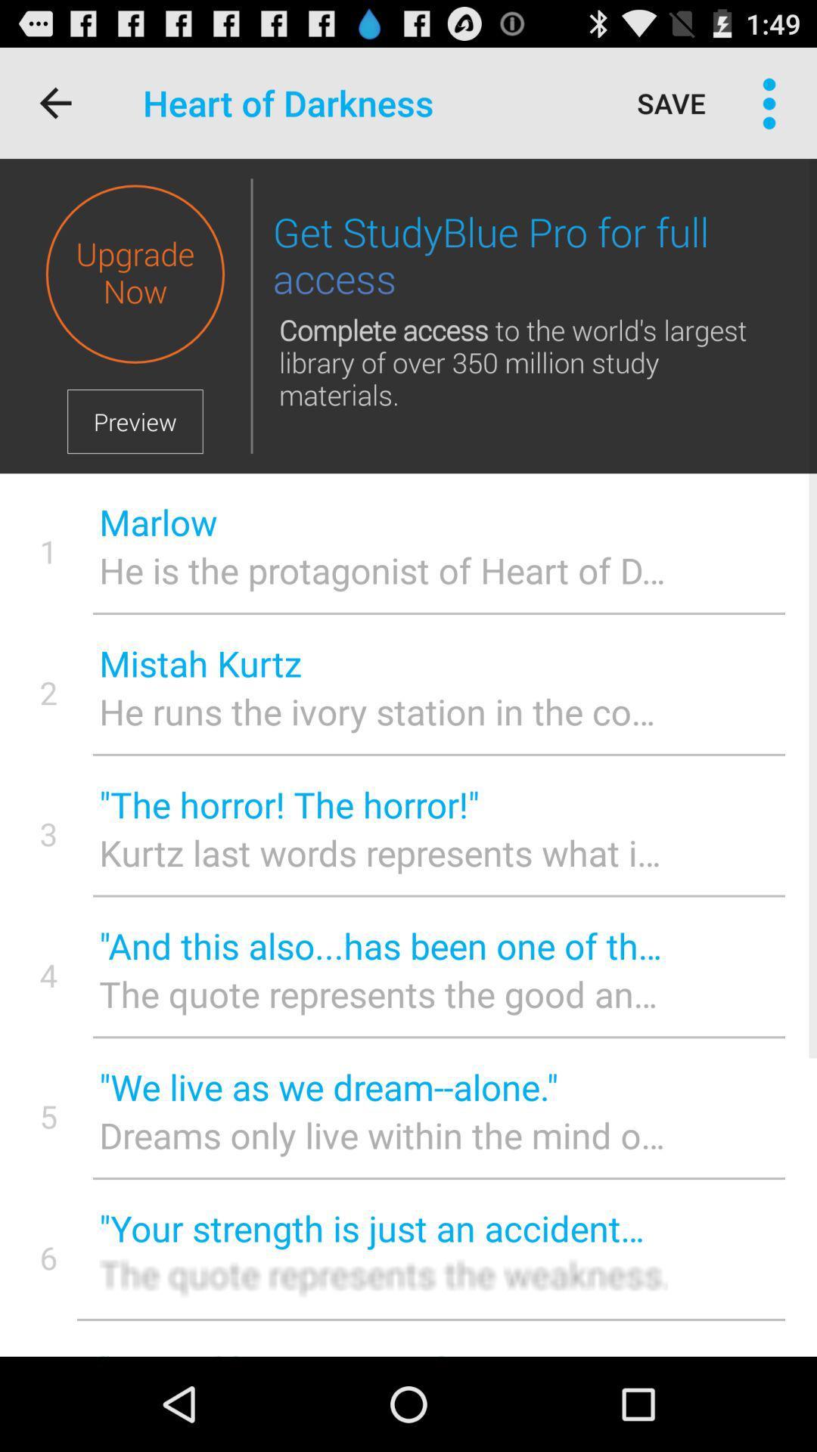 The image size is (817, 1452). Describe the element at coordinates (48, 833) in the screenshot. I see `the 3 item` at that location.